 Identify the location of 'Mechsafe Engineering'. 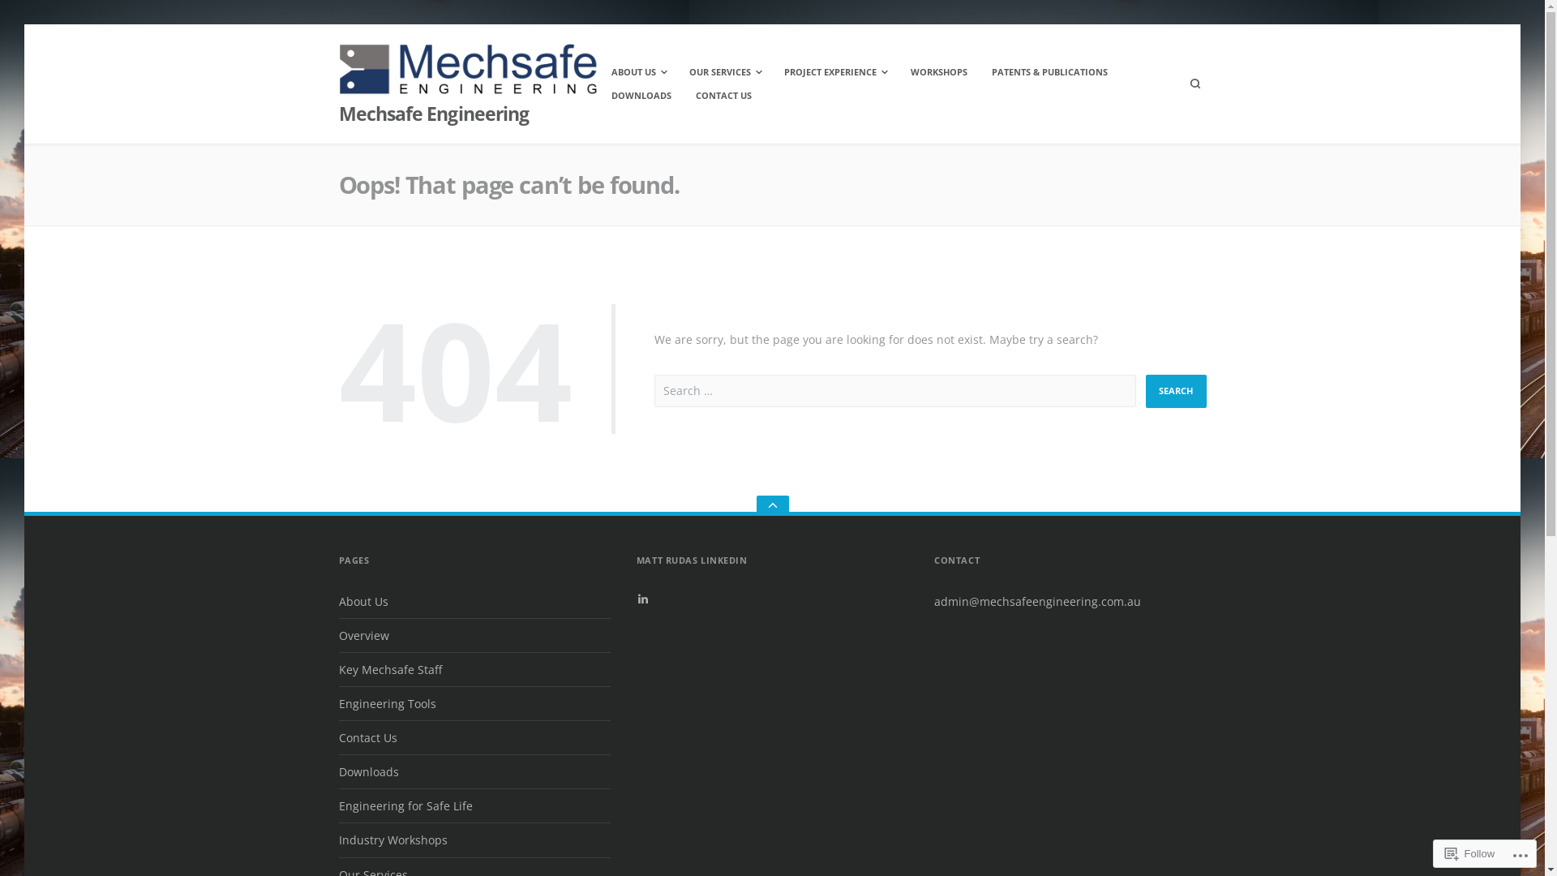
(434, 113).